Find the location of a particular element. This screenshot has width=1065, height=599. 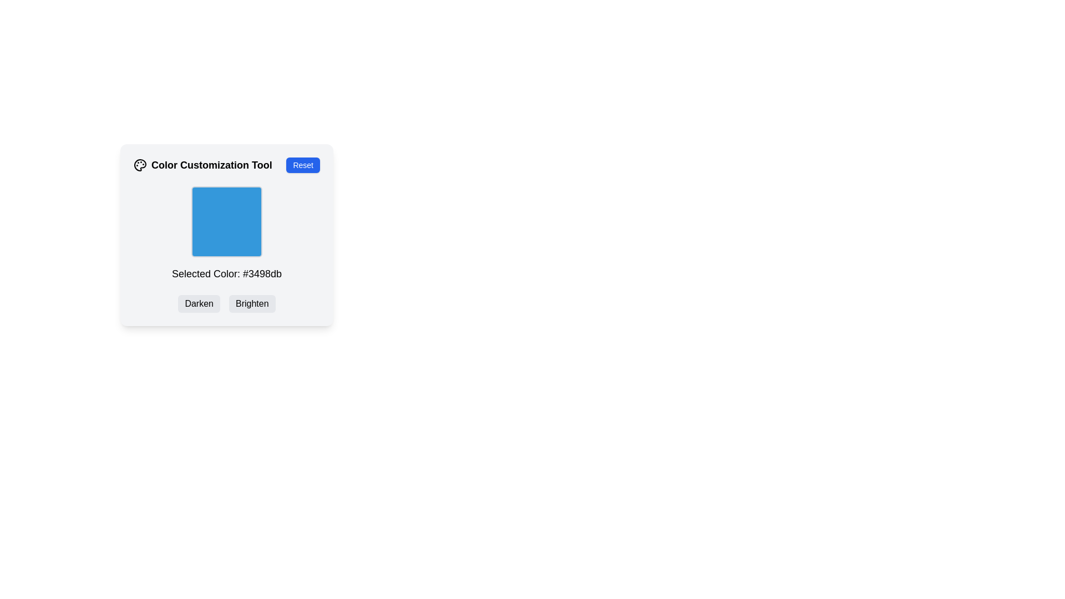

the 'Reset' button located in the top-right corner of the Color Customization Tool panel to reset the settings to their default state is located at coordinates (303, 165).